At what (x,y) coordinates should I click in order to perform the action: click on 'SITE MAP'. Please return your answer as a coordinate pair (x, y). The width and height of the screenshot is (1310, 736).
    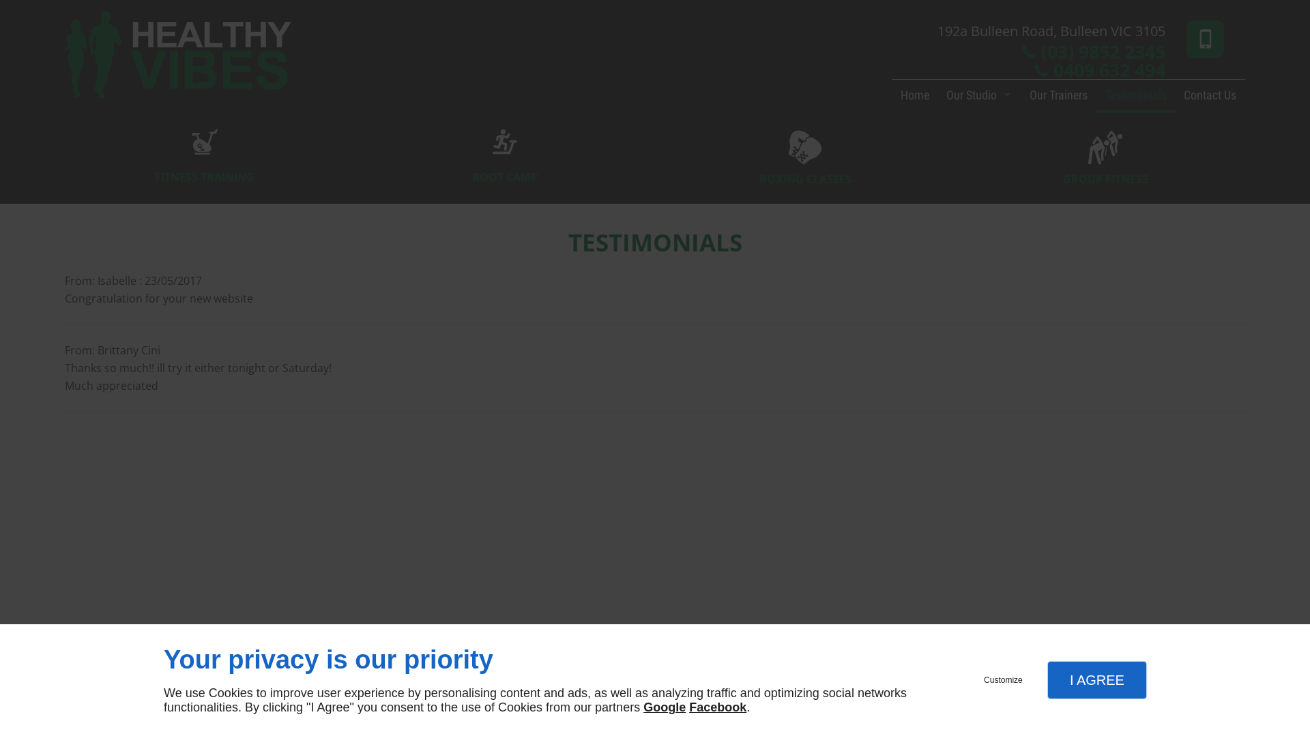
    Looking at the image, I should click on (1227, 707).